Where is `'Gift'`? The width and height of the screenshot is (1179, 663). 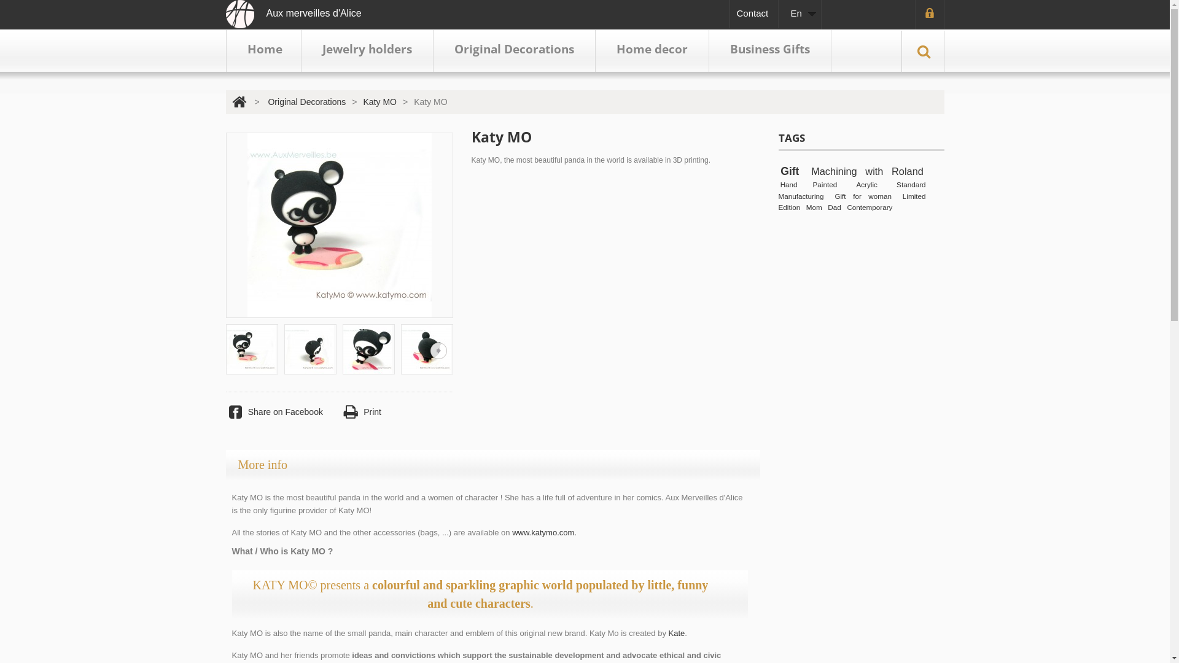
'Gift' is located at coordinates (778, 171).